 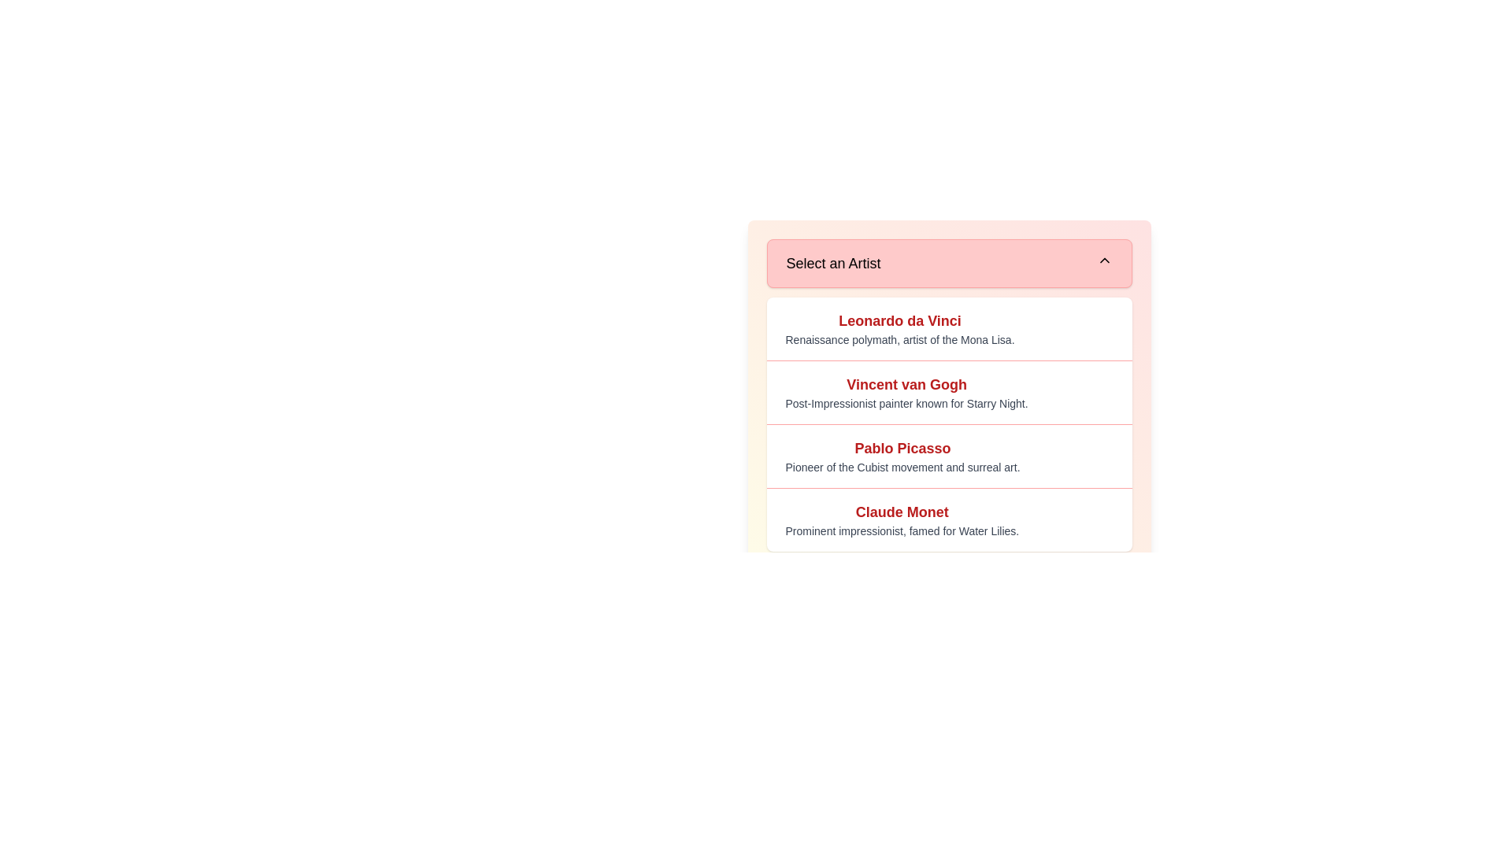 I want to click on descriptive text of the selectable list item for 'Vincent van Gogh', which is the second option in the artist list, so click(x=948, y=391).